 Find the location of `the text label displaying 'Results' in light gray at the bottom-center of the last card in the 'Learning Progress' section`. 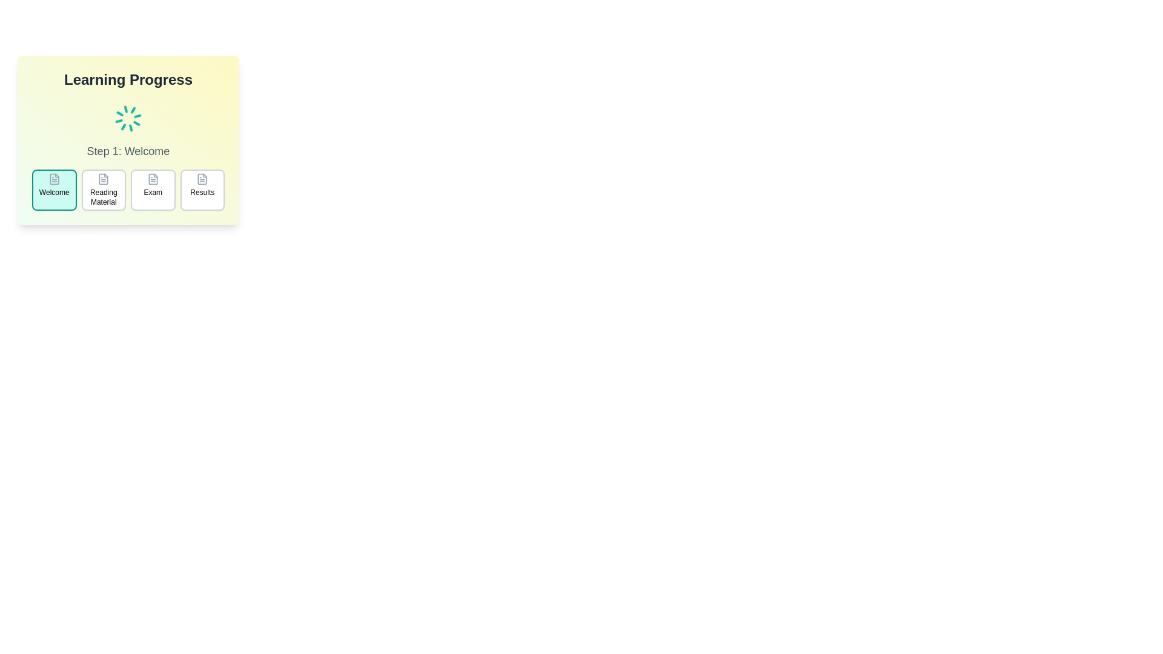

the text label displaying 'Results' in light gray at the bottom-center of the last card in the 'Learning Progress' section is located at coordinates (202, 191).